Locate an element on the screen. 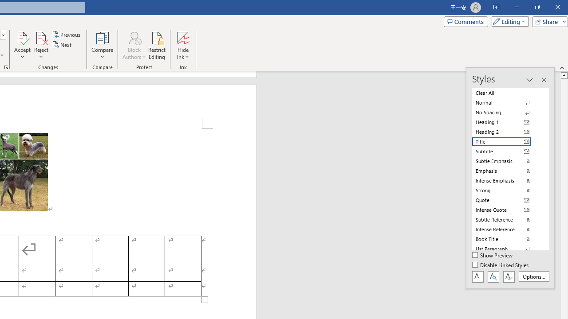 Image resolution: width=568 pixels, height=319 pixels. 'Hide Ink' is located at coordinates (182, 37).